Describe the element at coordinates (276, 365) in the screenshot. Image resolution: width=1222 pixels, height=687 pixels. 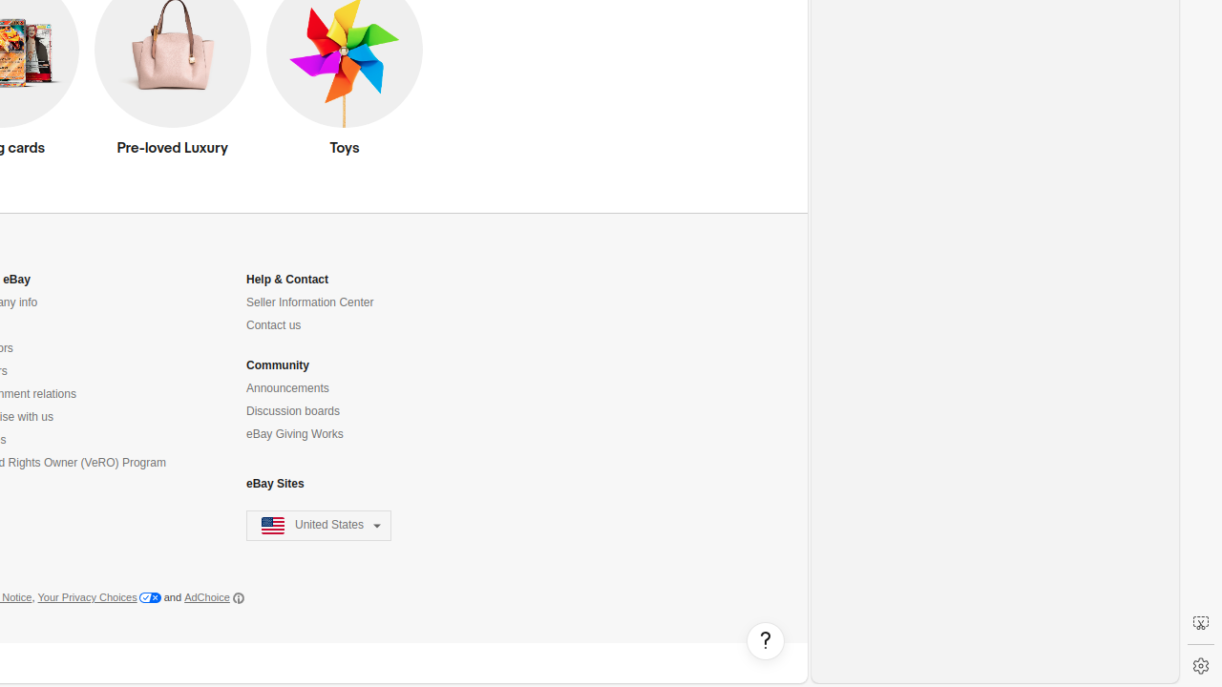
I see `'Community'` at that location.